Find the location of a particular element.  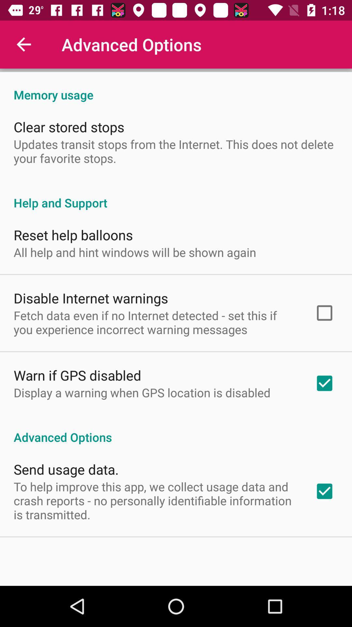

go back is located at coordinates (23, 44).